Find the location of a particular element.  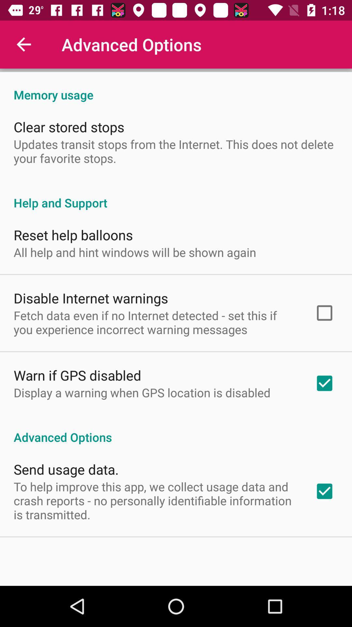

go back is located at coordinates (23, 44).